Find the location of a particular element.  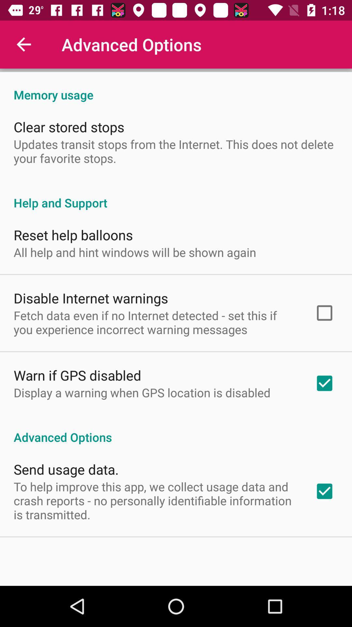

go back is located at coordinates (23, 44).